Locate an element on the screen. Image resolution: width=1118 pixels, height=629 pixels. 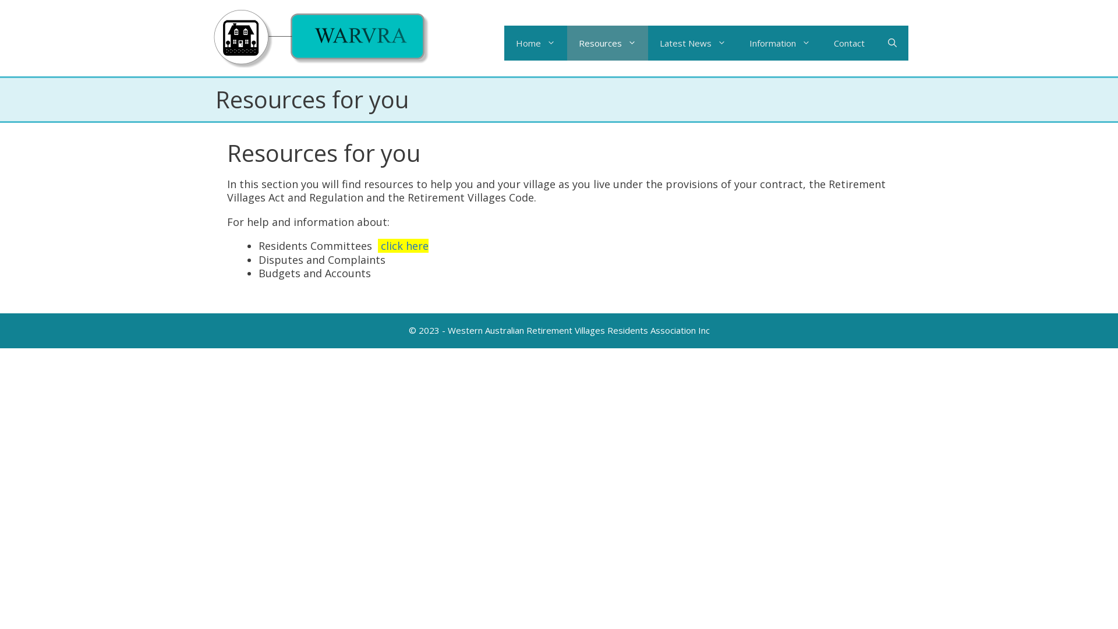
'click here' is located at coordinates (405, 245).